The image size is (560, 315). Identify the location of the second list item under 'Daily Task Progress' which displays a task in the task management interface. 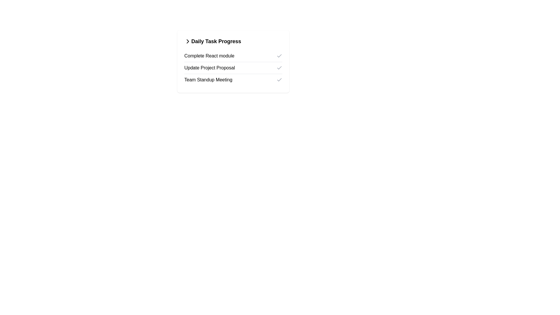
(233, 68).